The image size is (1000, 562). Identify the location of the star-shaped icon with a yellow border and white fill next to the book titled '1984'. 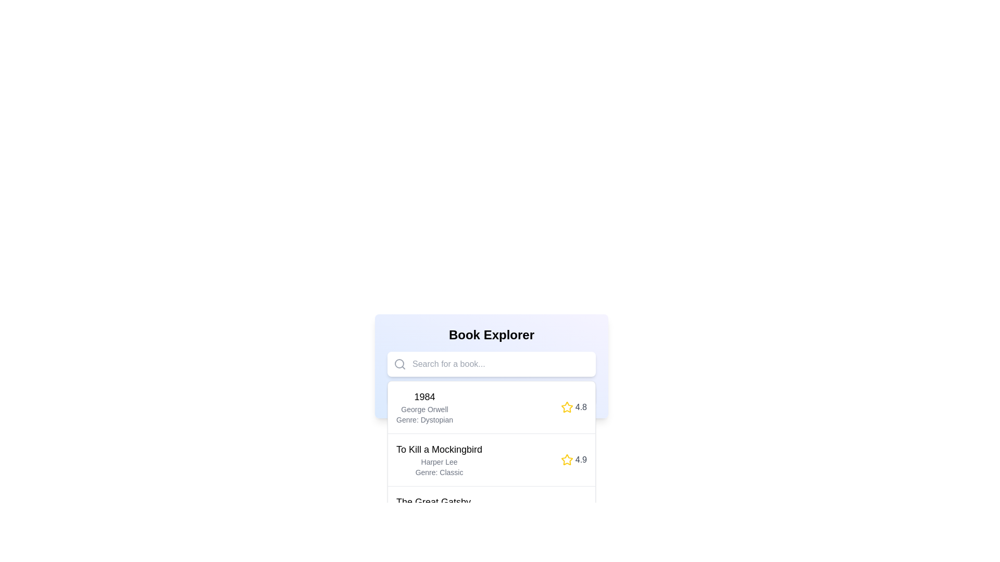
(566, 406).